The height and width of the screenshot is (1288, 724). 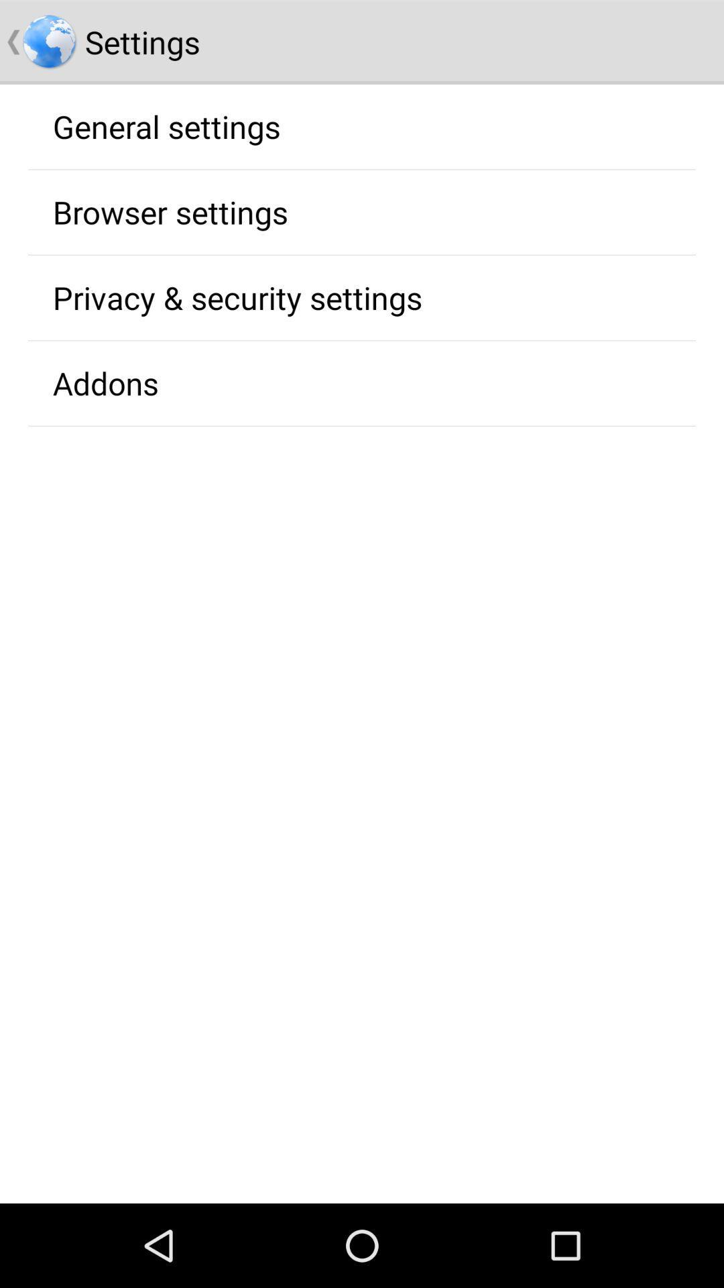 What do you see at coordinates (237, 297) in the screenshot?
I see `app above addons icon` at bounding box center [237, 297].